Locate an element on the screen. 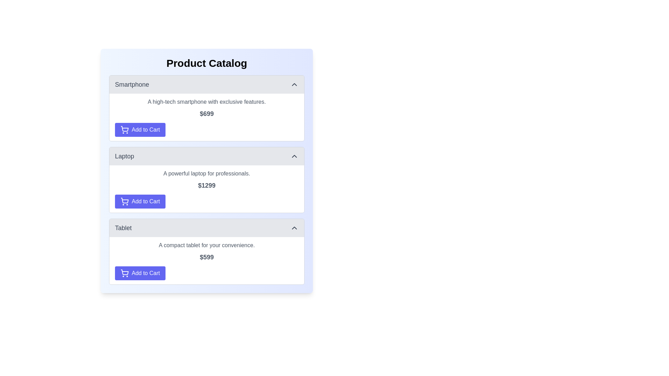  the descriptive text for the Tablet product, located above the price '$599' and beneath the section header 'Tablet' is located at coordinates (206, 245).